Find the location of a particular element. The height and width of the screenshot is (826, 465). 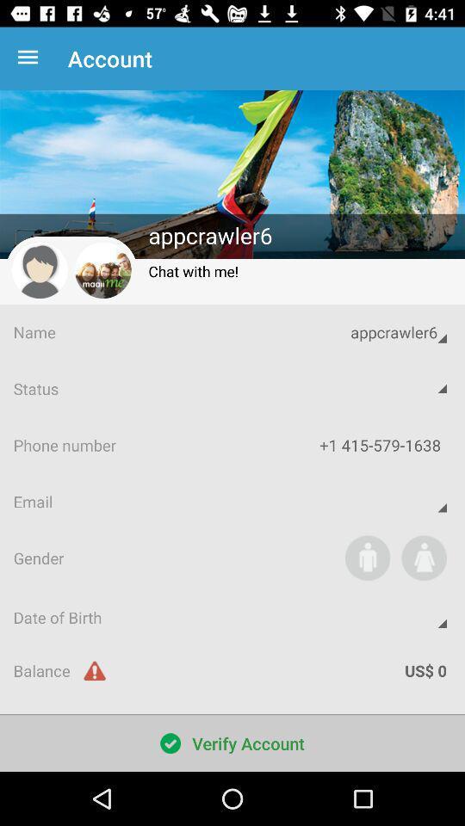

the verify account icon is located at coordinates (232, 743).